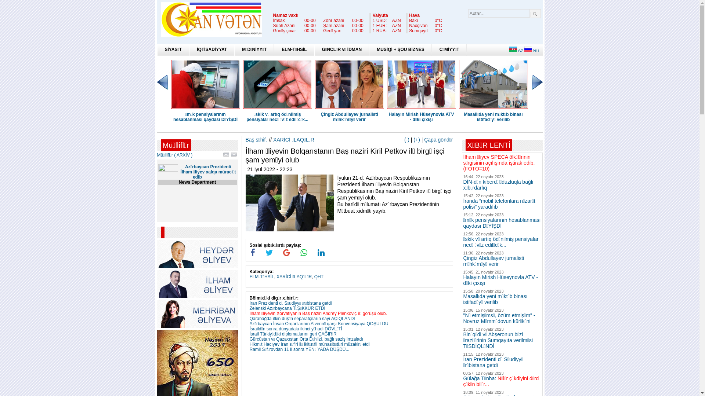  I want to click on 'QHT', so click(319, 277).